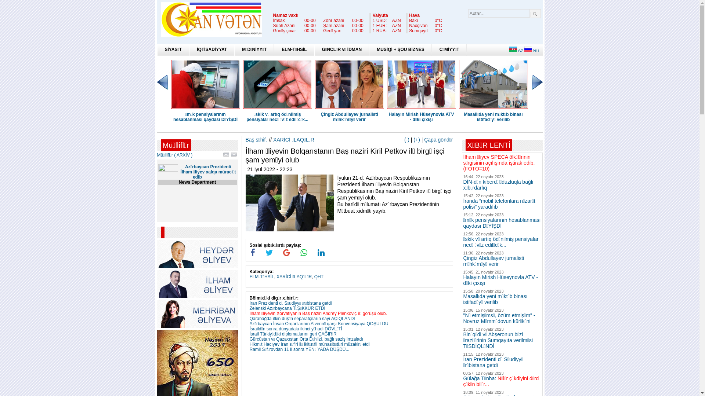  I want to click on 'QHT', so click(319, 277).